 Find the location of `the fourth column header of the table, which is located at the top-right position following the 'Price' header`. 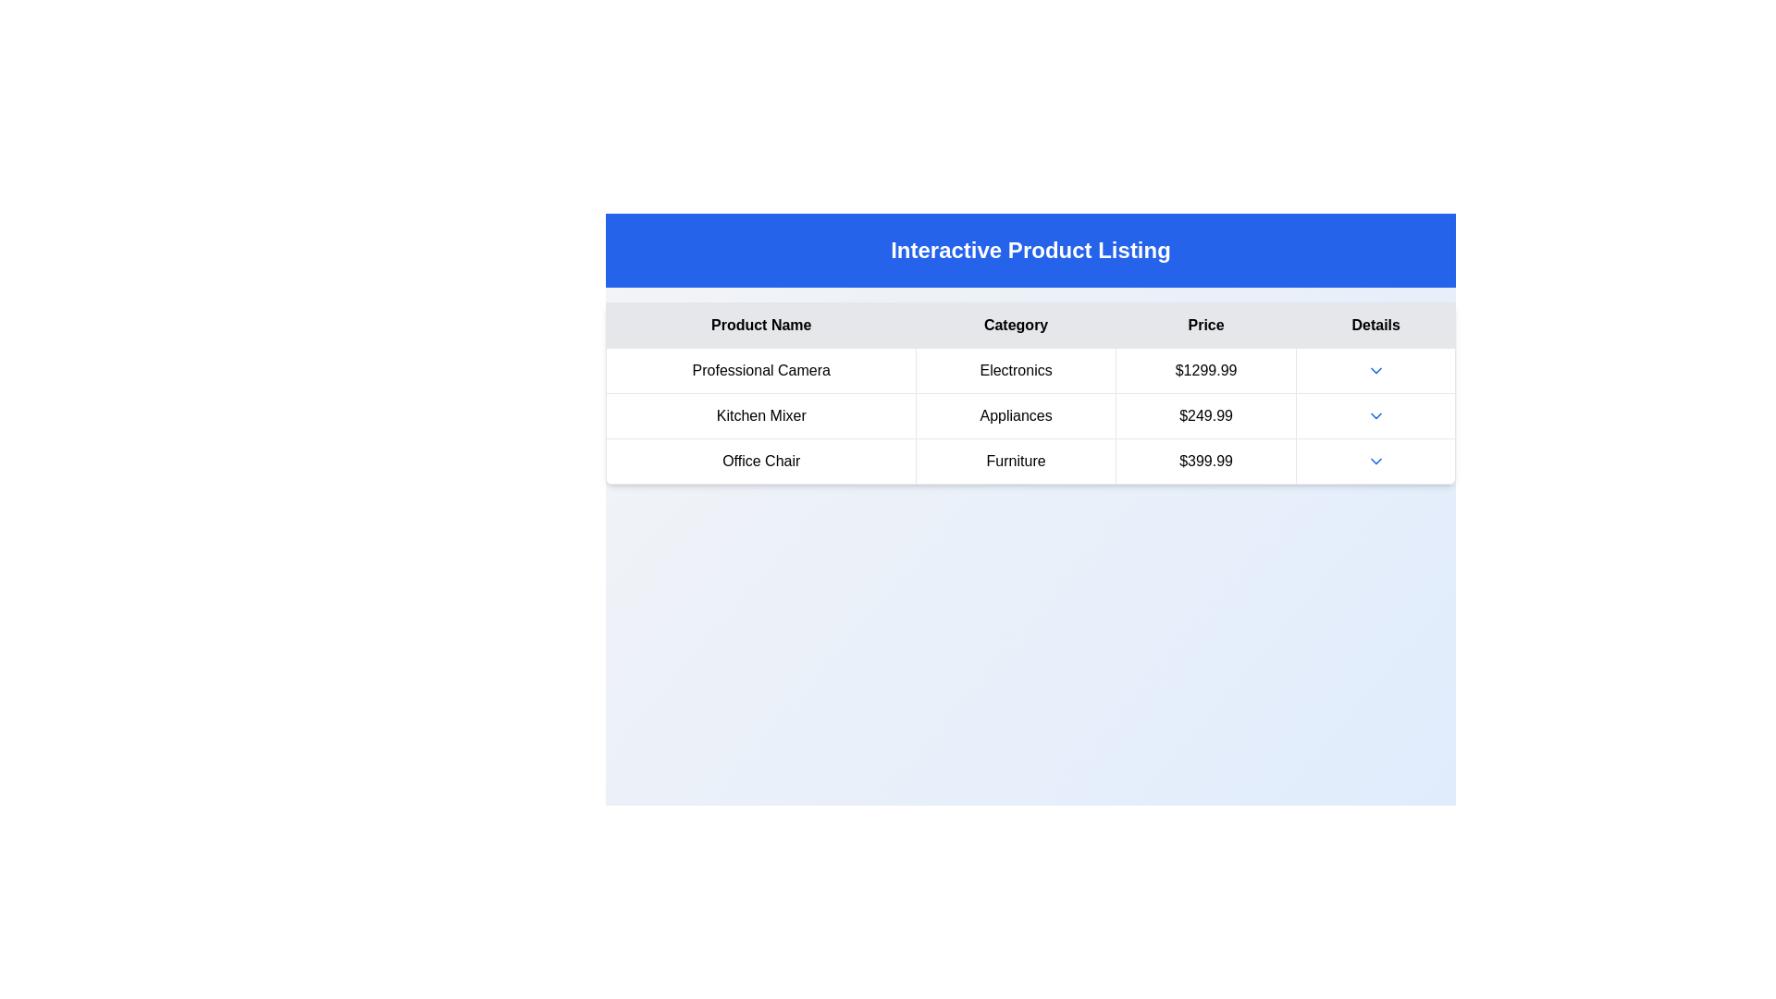

the fourth column header of the table, which is located at the top-right position following the 'Price' header is located at coordinates (1375, 324).